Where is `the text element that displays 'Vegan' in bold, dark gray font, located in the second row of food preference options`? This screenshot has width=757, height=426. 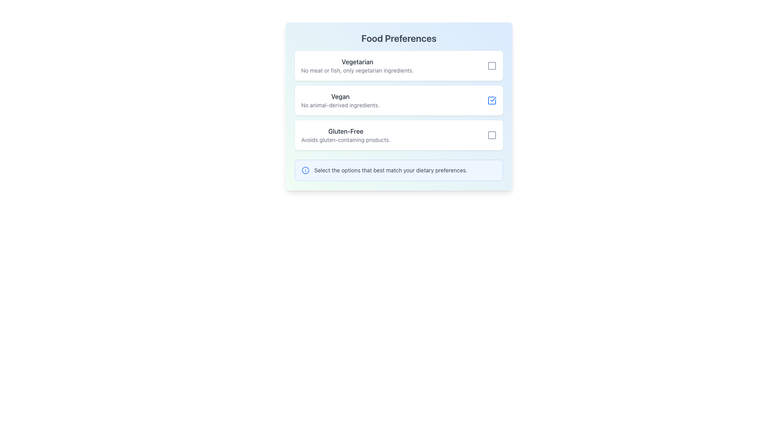 the text element that displays 'Vegan' in bold, dark gray font, located in the second row of food preference options is located at coordinates (340, 96).